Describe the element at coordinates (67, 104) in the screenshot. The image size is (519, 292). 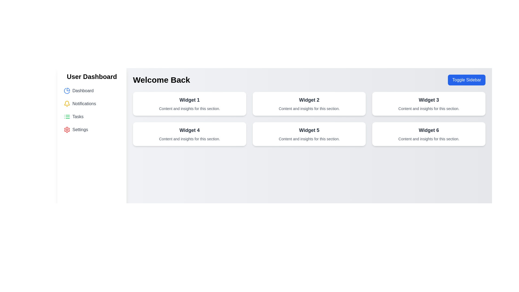
I see `the notification icon located in the left sidebar navigation menu, positioned to the left of the 'Notifications' text` at that location.